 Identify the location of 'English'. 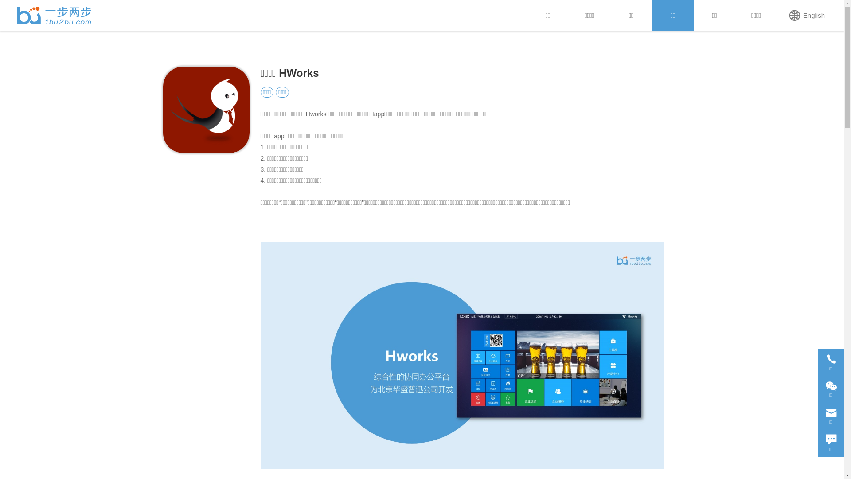
(806, 15).